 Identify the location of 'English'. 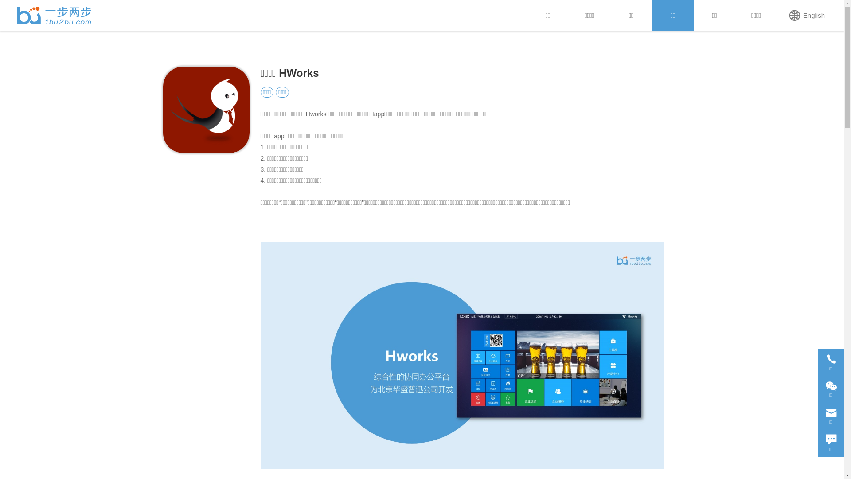
(806, 15).